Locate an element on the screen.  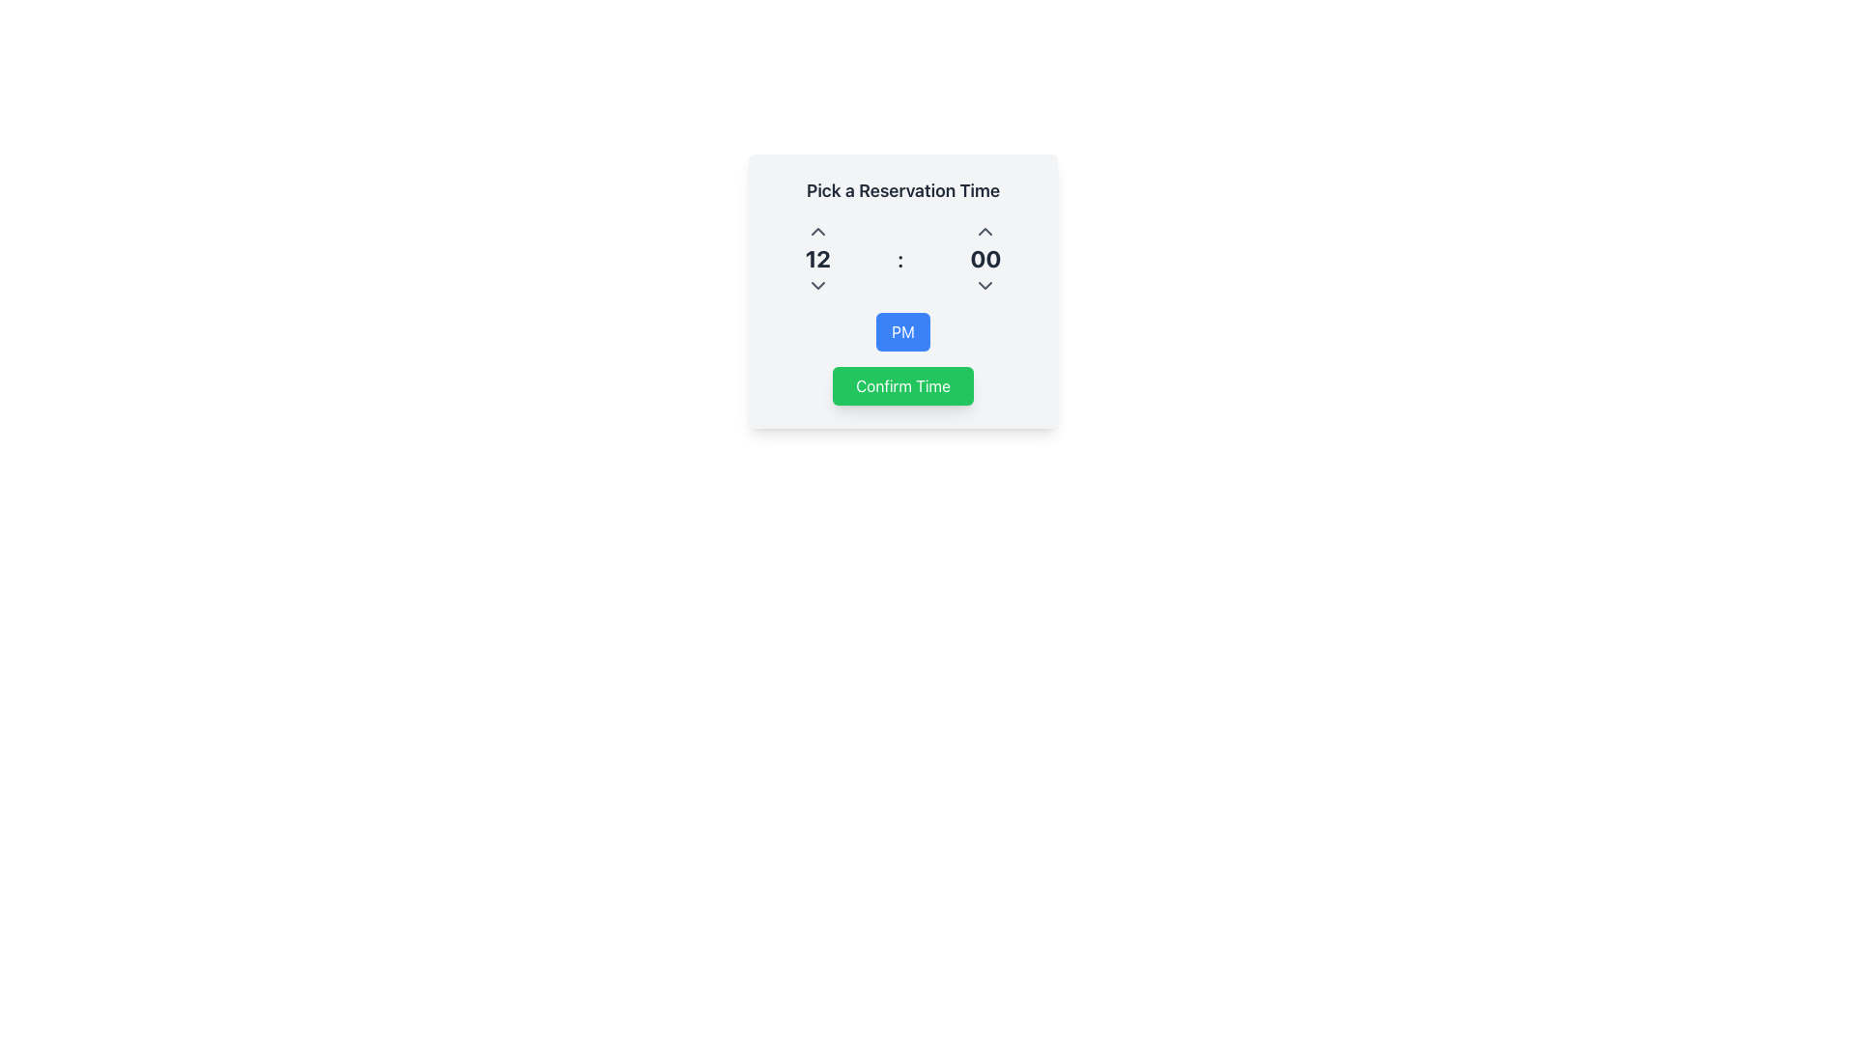
the Time Selector element displaying '00' to increment or decrement the minutes is located at coordinates (985, 257).